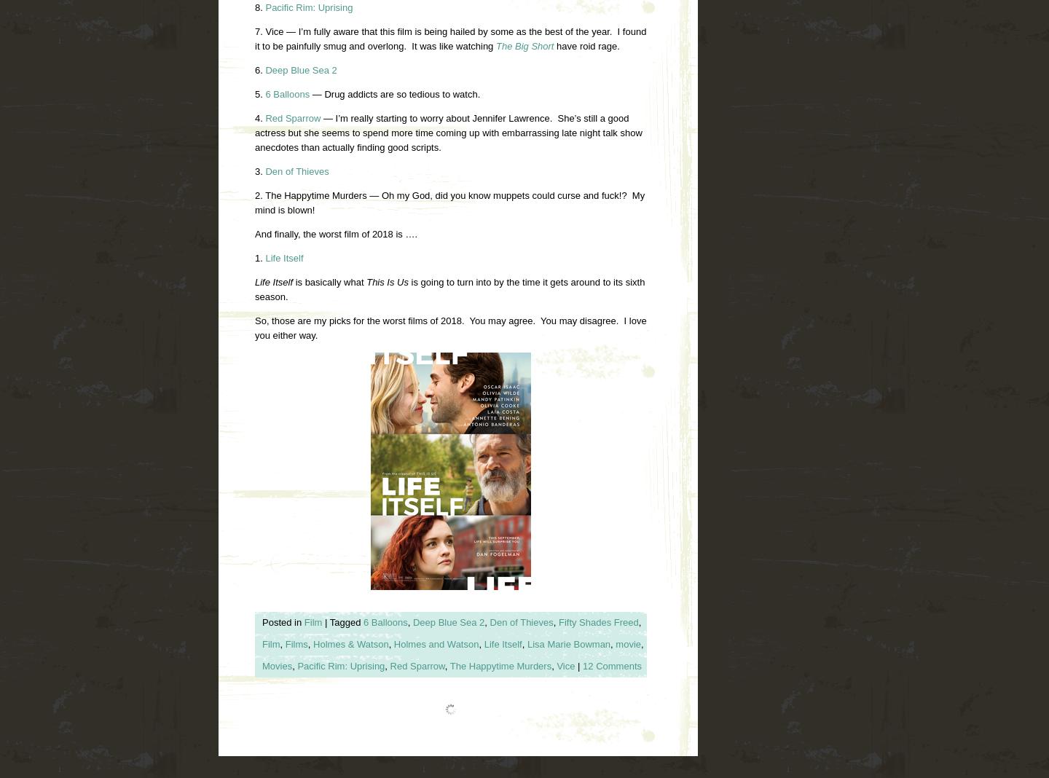  Describe the element at coordinates (387, 750) in the screenshot. I see `'Dazzling Erin'` at that location.